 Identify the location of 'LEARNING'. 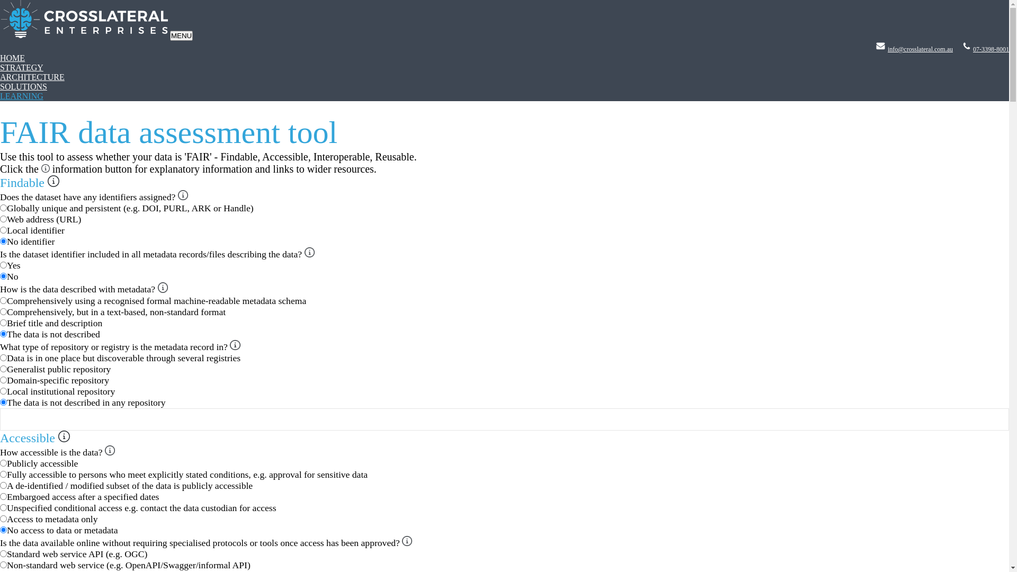
(0, 96).